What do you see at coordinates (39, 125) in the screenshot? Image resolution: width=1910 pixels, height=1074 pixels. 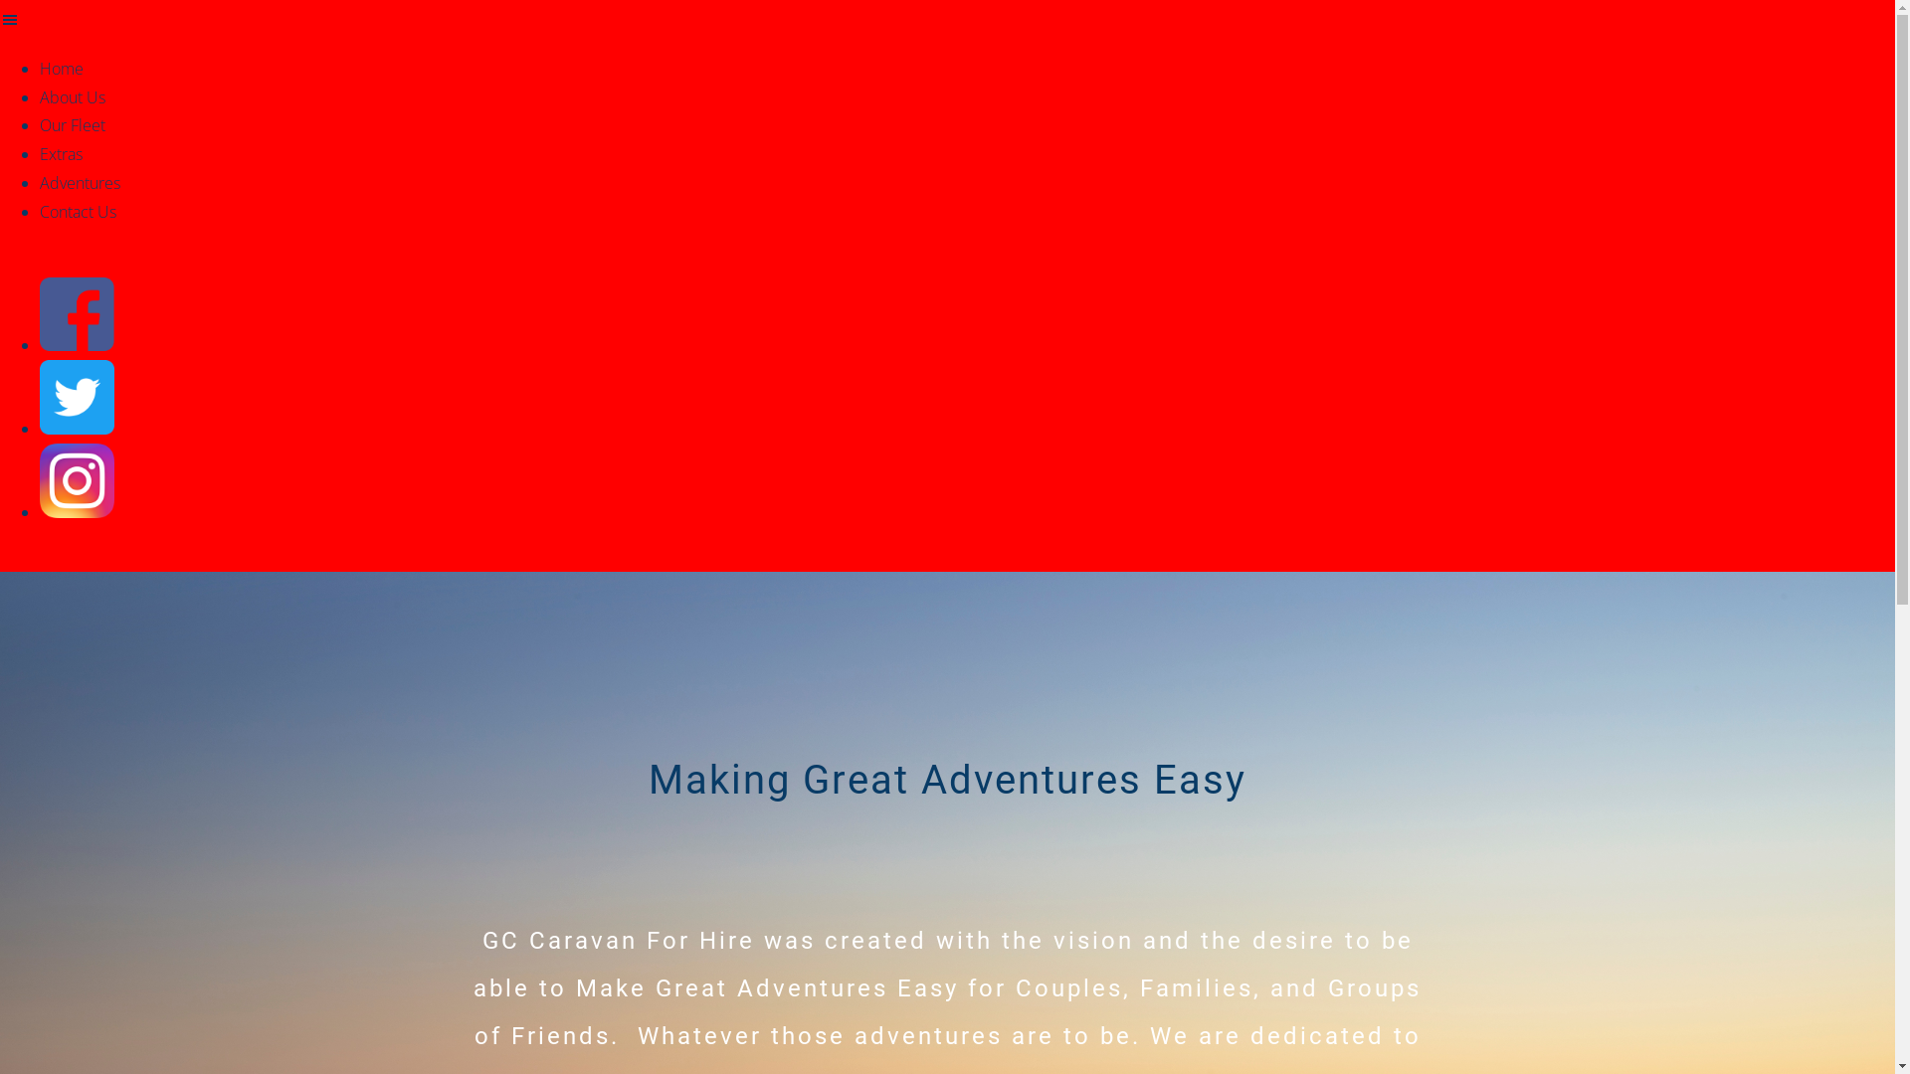 I see `'Our Fleet'` at bounding box center [39, 125].